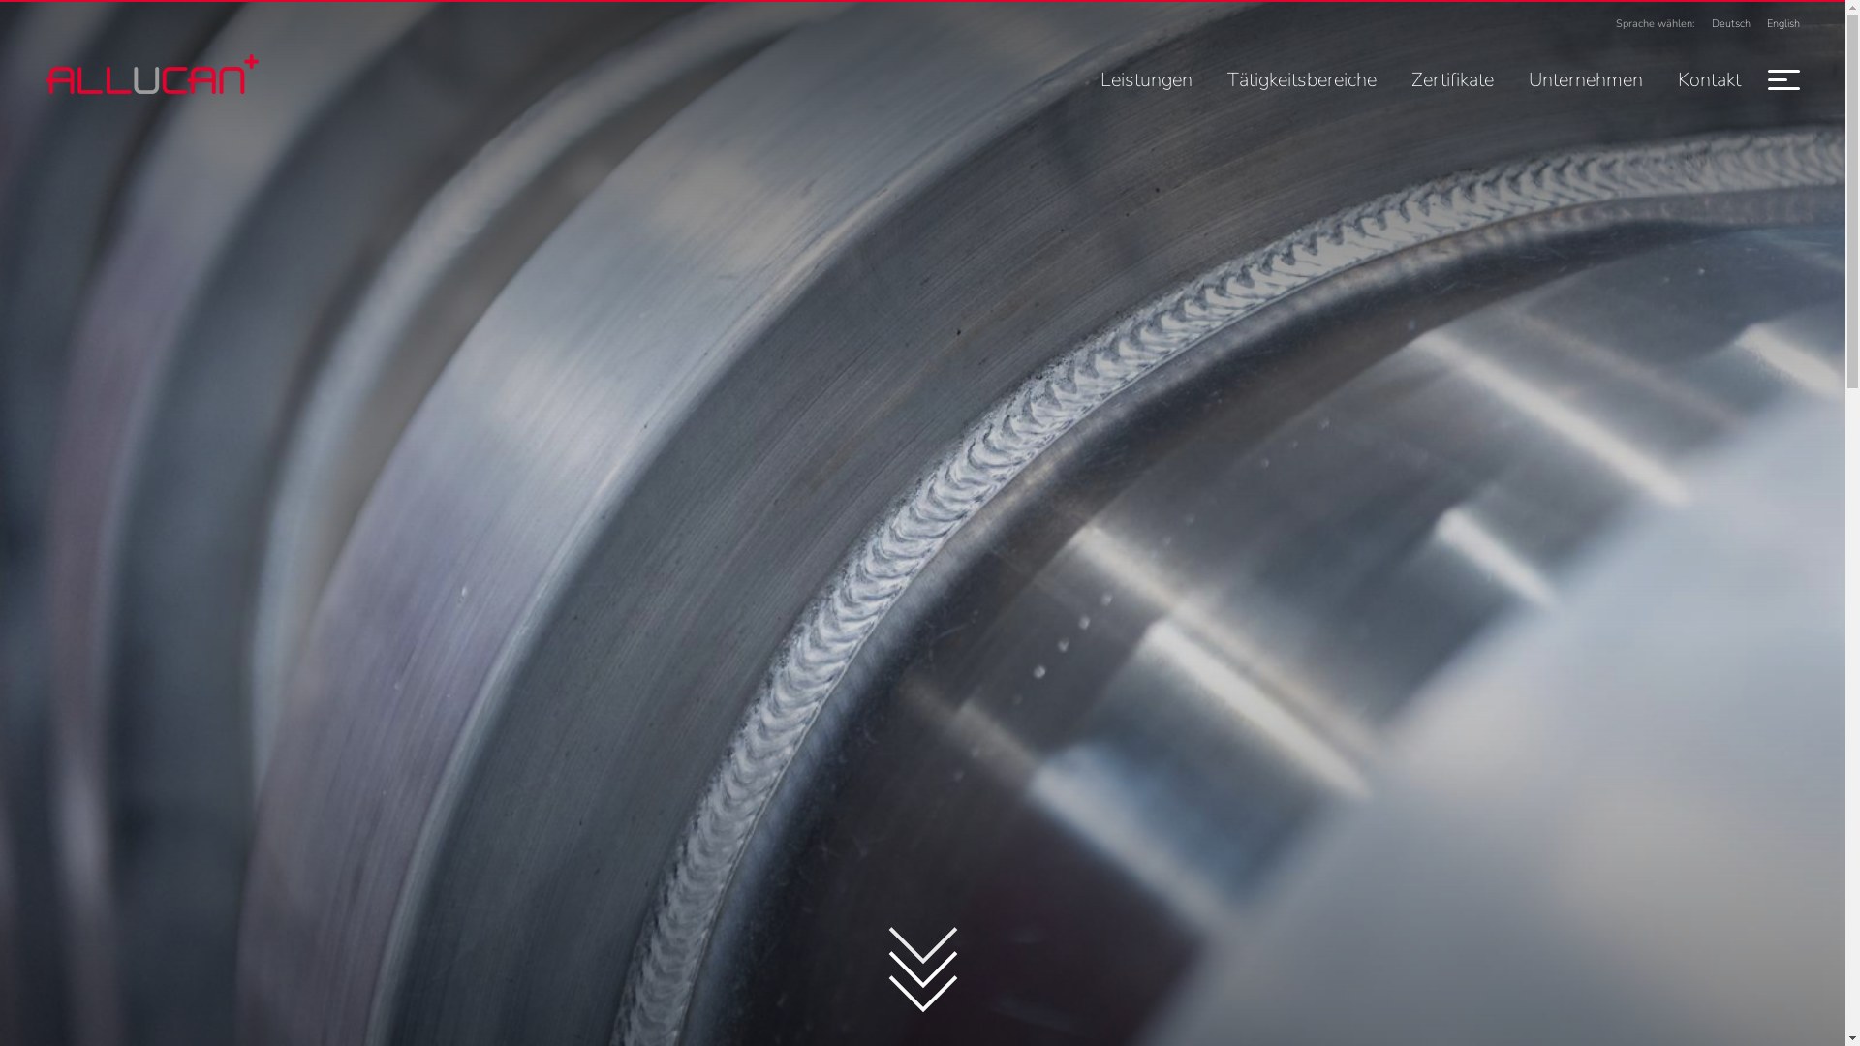  Describe the element at coordinates (1452, 78) in the screenshot. I see `'Zertifikate'` at that location.